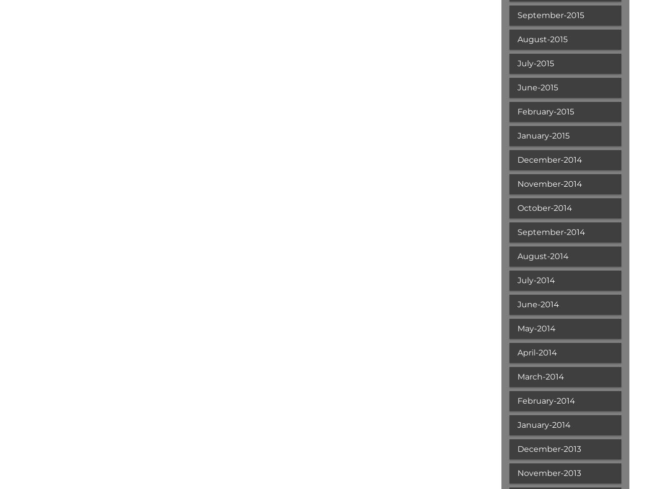 This screenshot has height=489, width=654. What do you see at coordinates (543, 135) in the screenshot?
I see `'January-2015'` at bounding box center [543, 135].